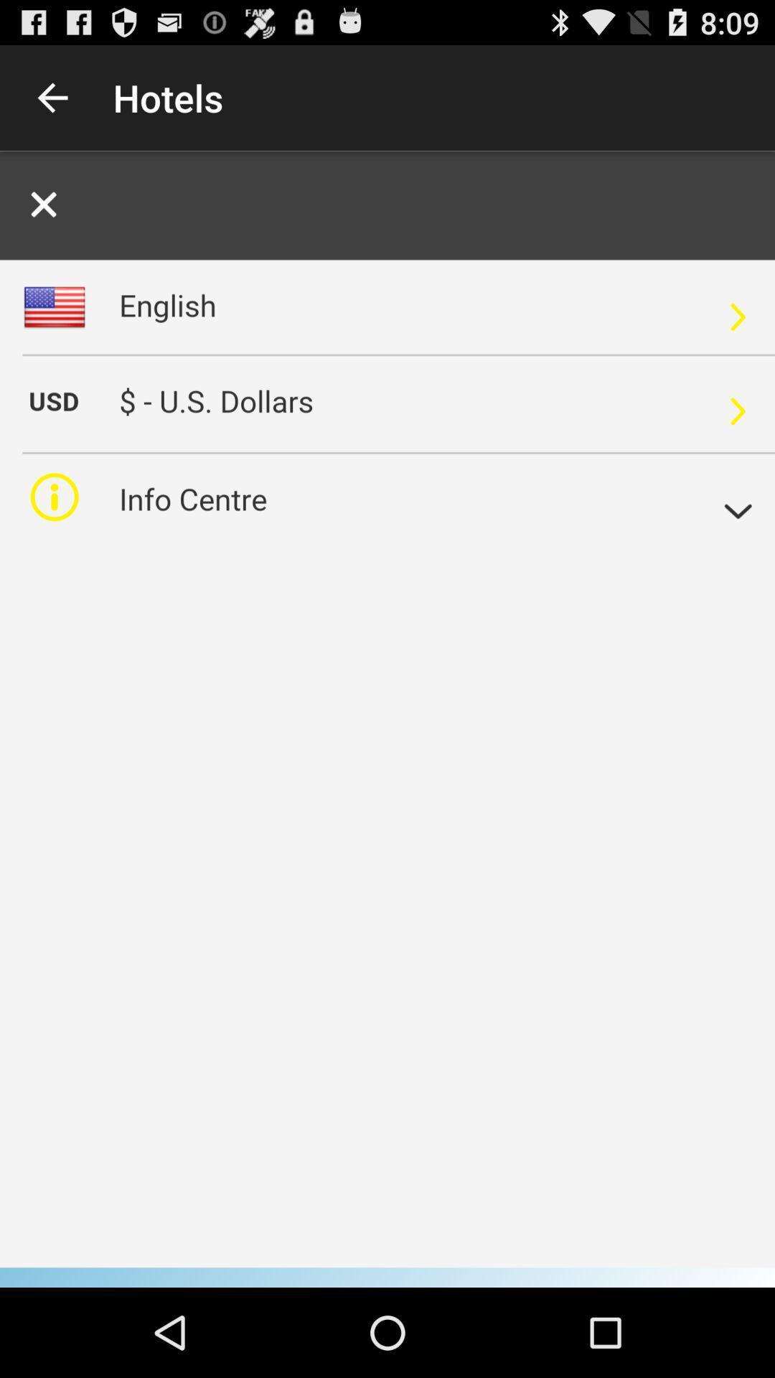  I want to click on it, so click(387, 719).